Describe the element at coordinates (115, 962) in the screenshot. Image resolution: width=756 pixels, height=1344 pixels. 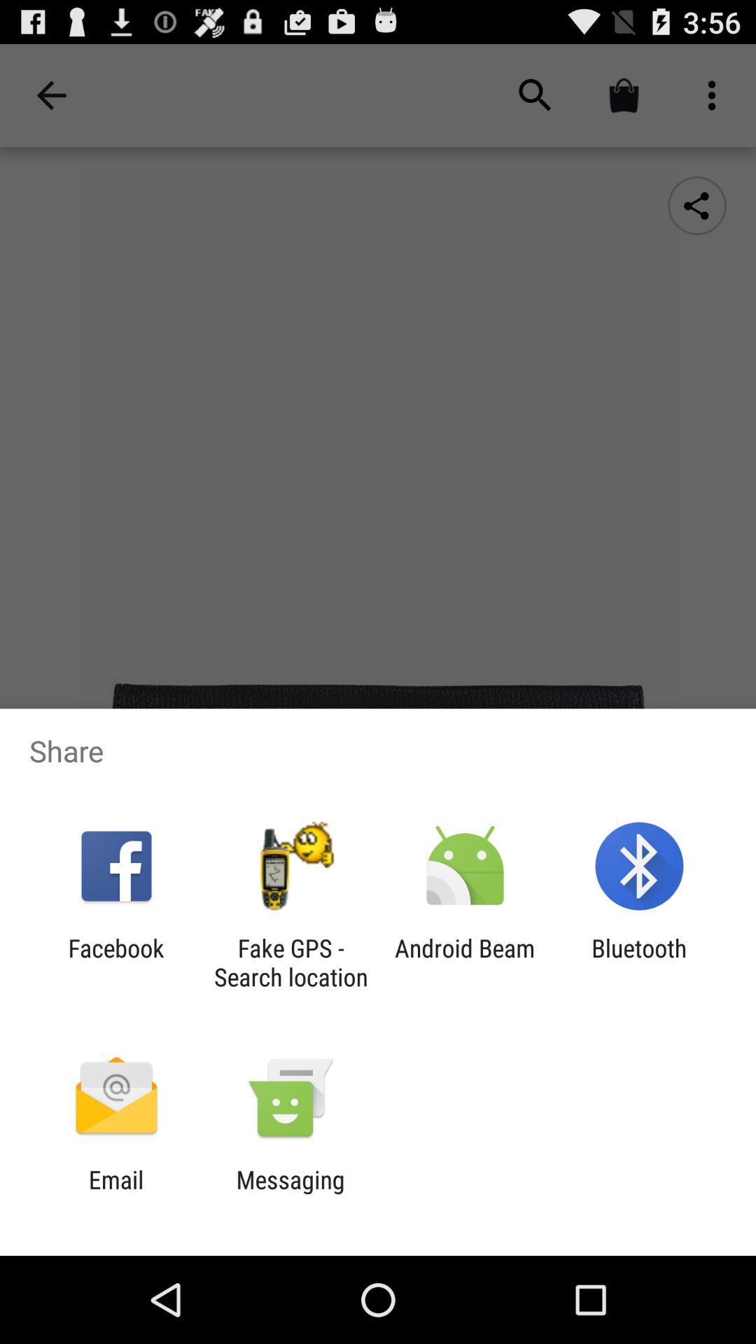
I see `facebook item` at that location.